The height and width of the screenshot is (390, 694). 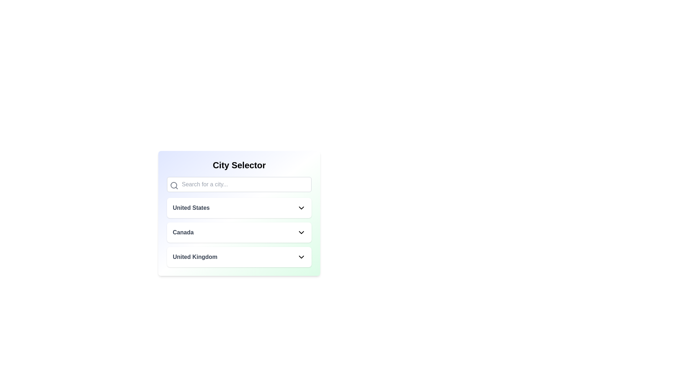 What do you see at coordinates (173, 185) in the screenshot?
I see `the circular shape within the search icon located in the City Selector module, which represents a search or magnifying glass` at bounding box center [173, 185].